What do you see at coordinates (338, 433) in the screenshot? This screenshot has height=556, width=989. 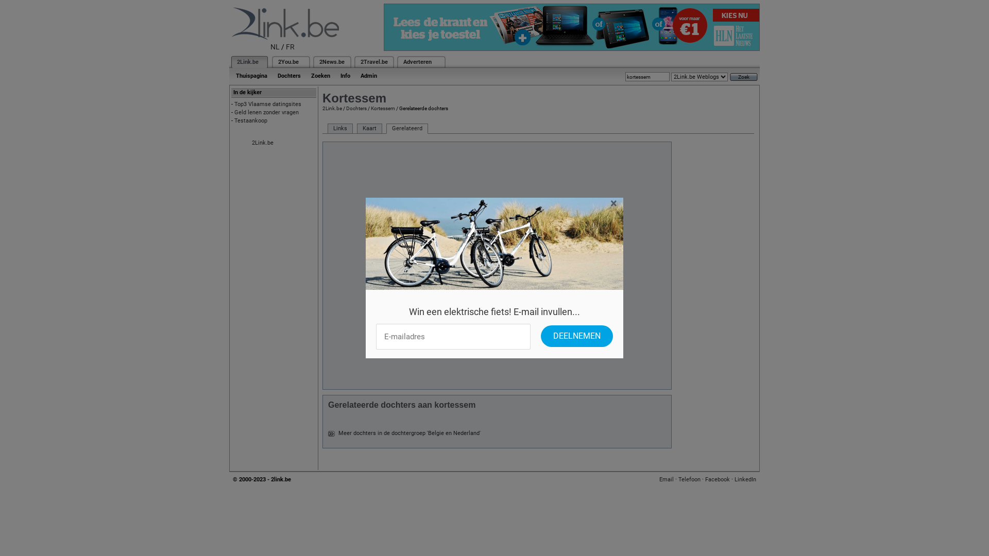 I see `'Meer dochters in de dochtergroep 'Belgie en Nederland''` at bounding box center [338, 433].